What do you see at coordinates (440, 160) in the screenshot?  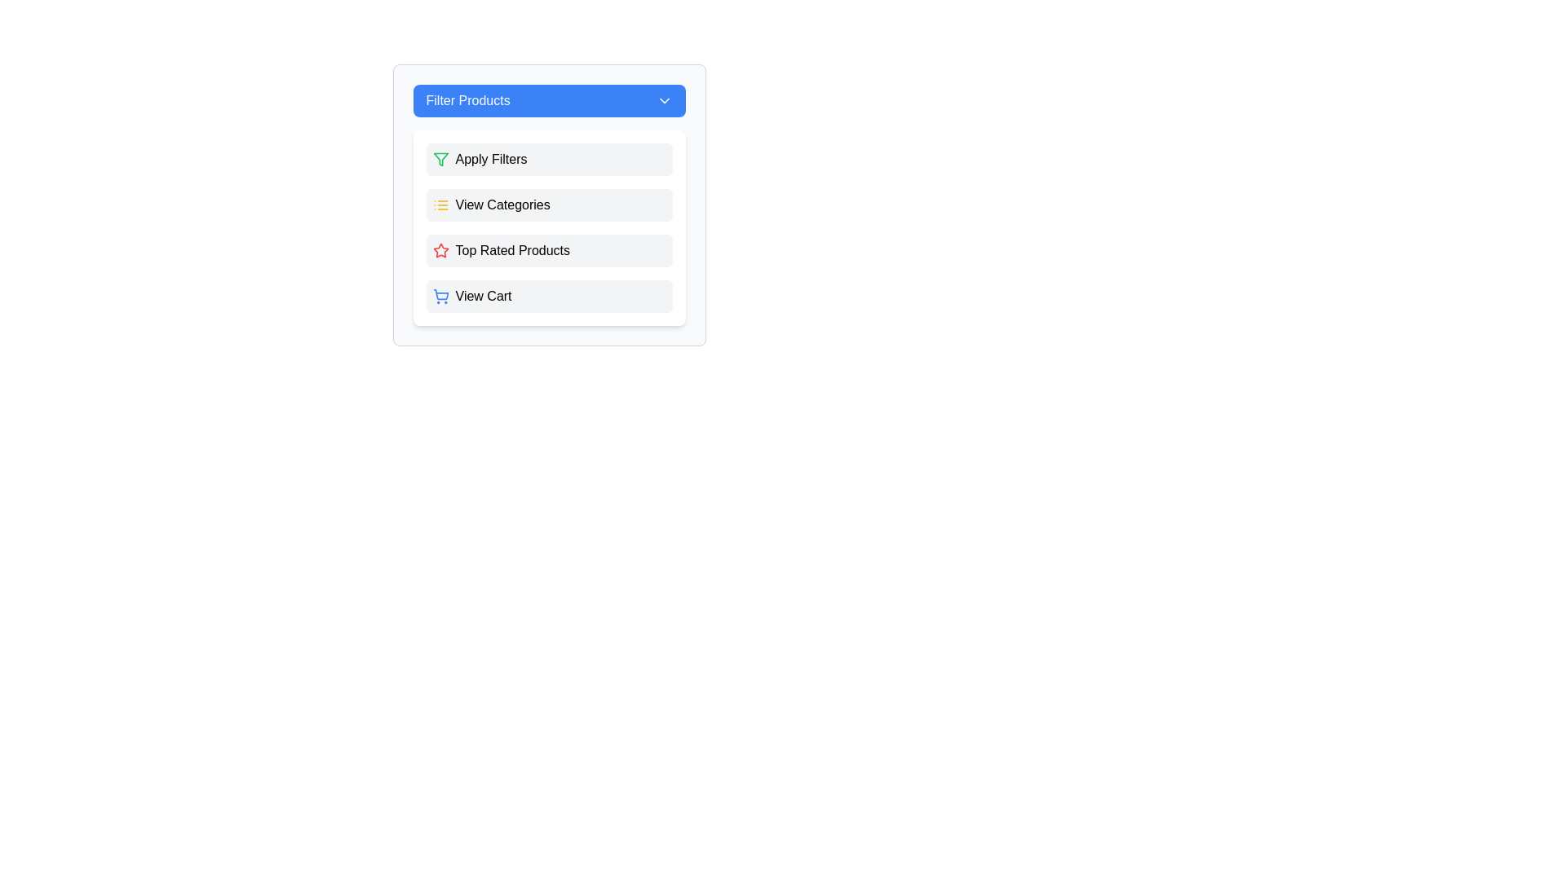 I see `the vibrant green funnel icon located under the 'Filter Products' dropdown menu, adjacent to the 'Apply Filters' label` at bounding box center [440, 160].